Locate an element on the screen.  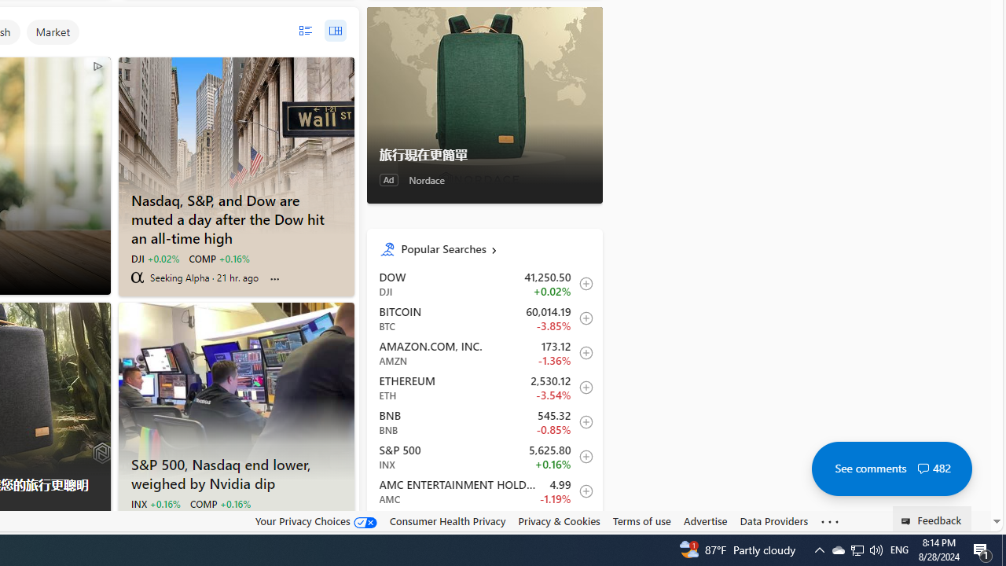
'Ad' is located at coordinates (388, 178).